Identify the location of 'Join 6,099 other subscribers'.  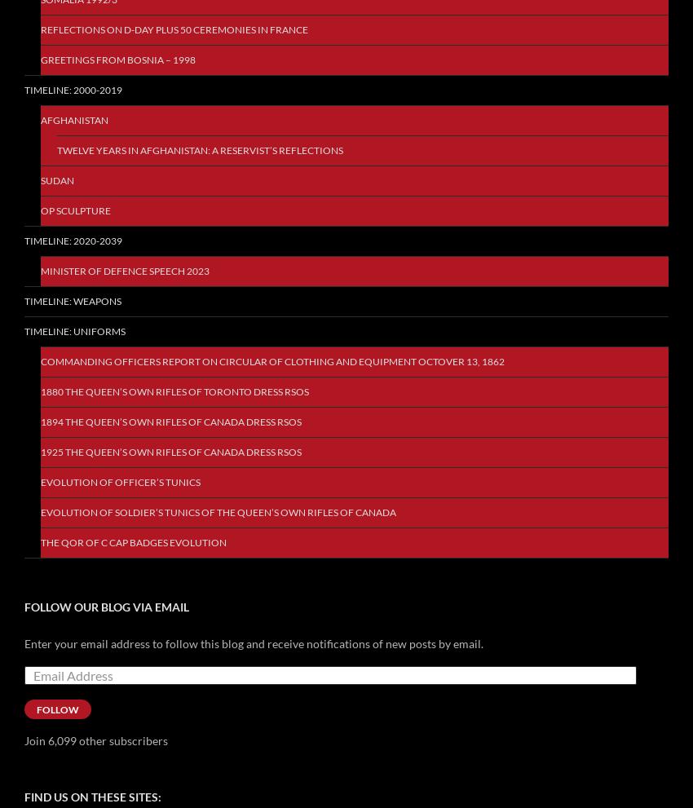
(24, 740).